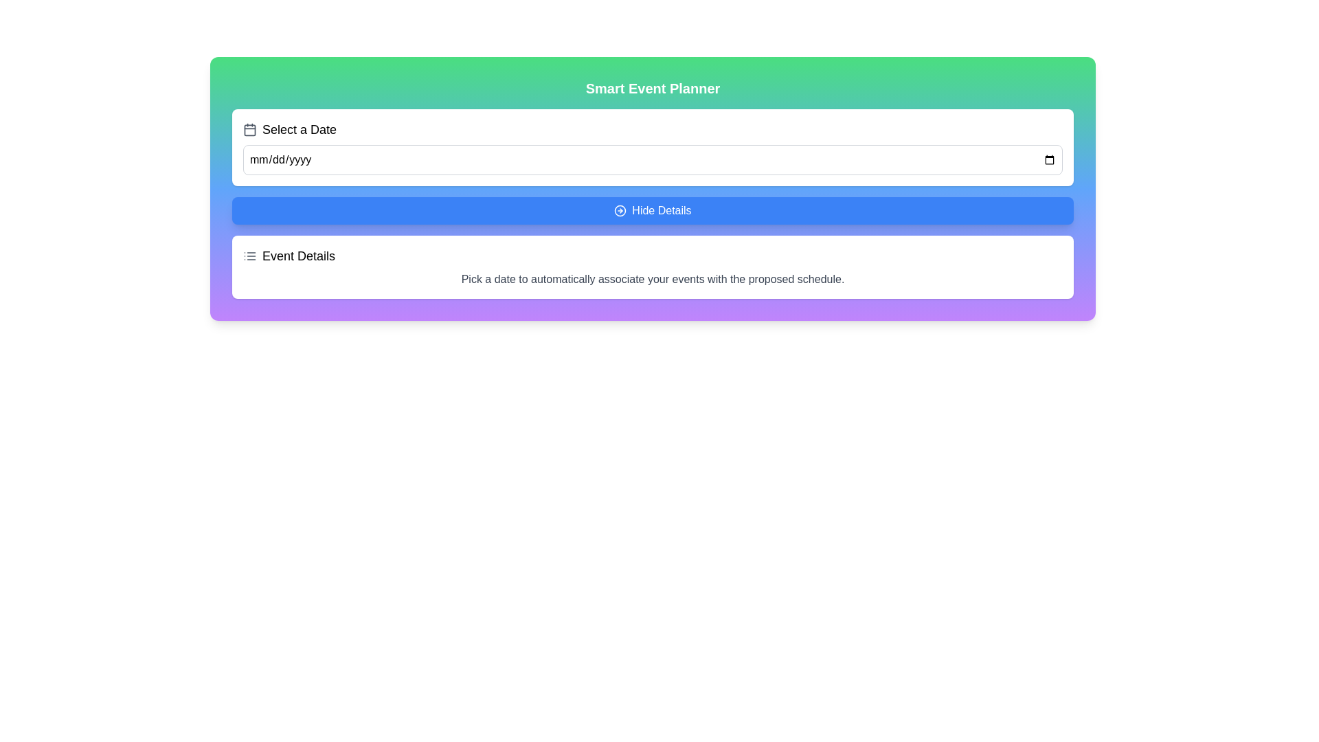 The image size is (1319, 742). Describe the element at coordinates (250, 256) in the screenshot. I see `the list icon located to the left of the text 'Event Details', which consists of three vertical lines in a grayscale color scheme` at that location.